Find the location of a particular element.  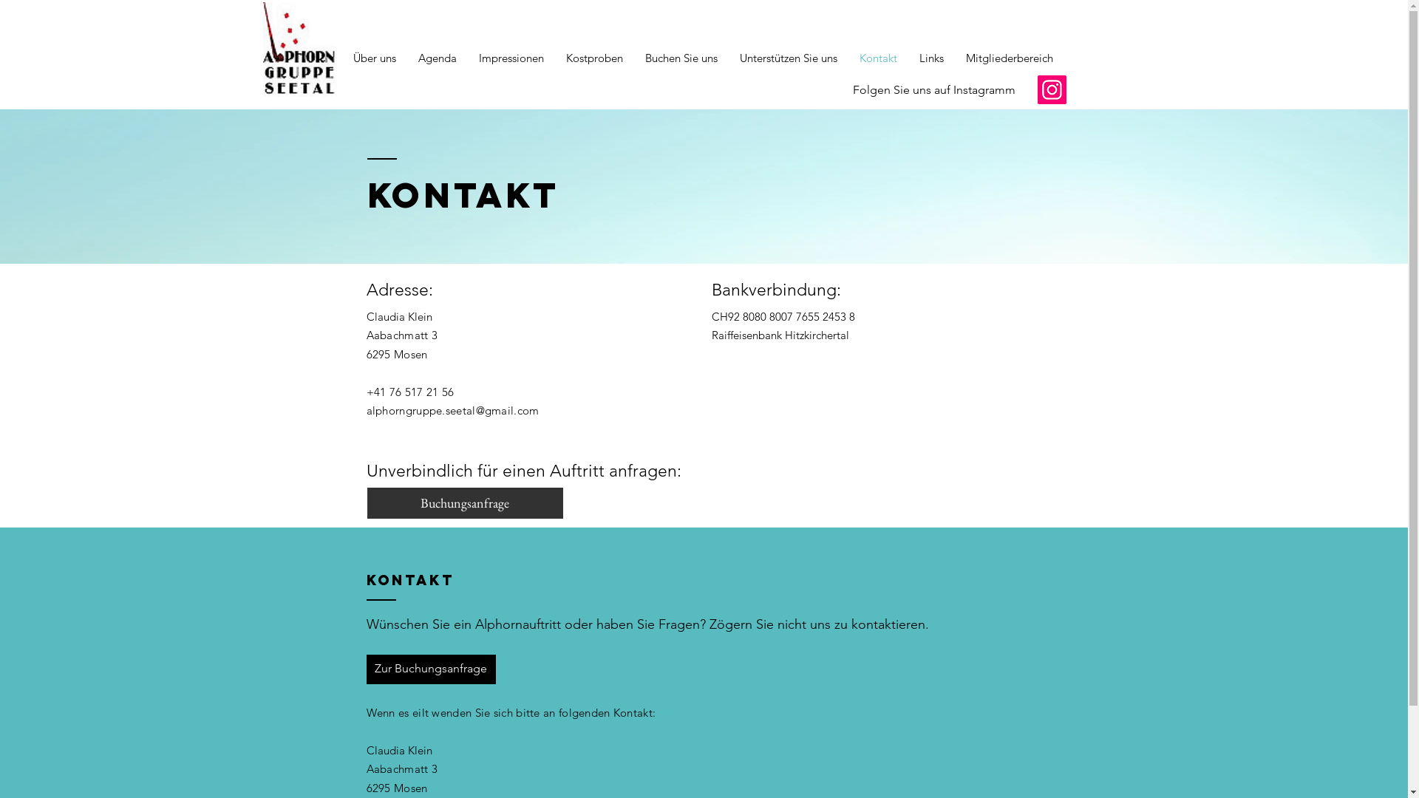

'Alphorngruppe seetal' is located at coordinates (811, 5).